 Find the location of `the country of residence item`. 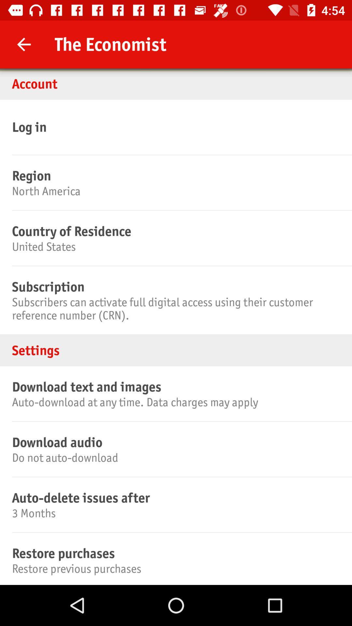

the country of residence item is located at coordinates (175, 231).